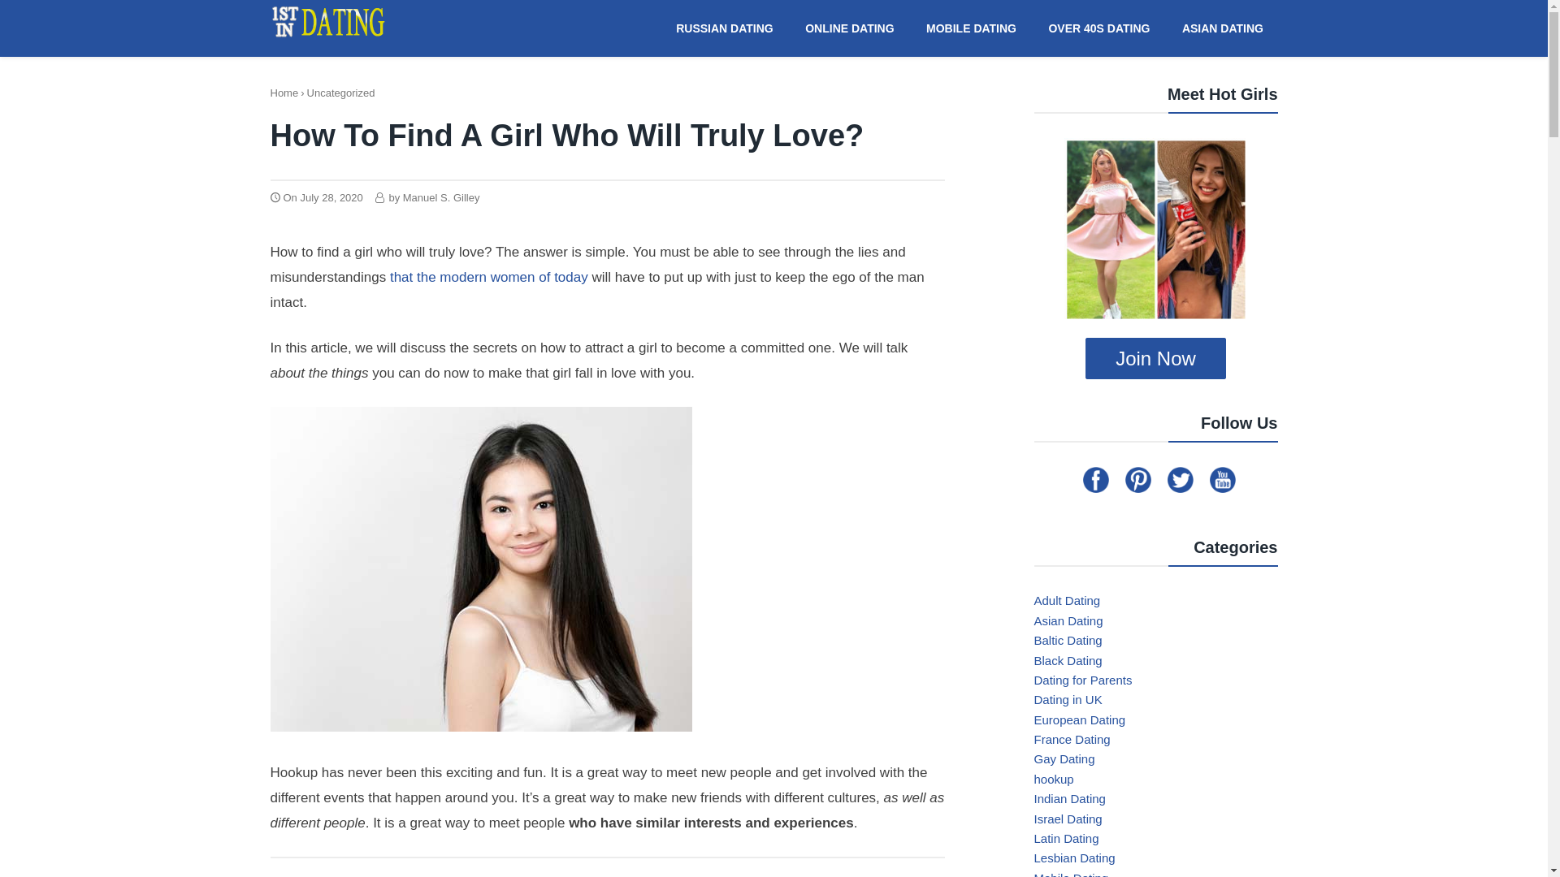 The image size is (1560, 877). I want to click on 'ONLINE DATING', so click(849, 27).